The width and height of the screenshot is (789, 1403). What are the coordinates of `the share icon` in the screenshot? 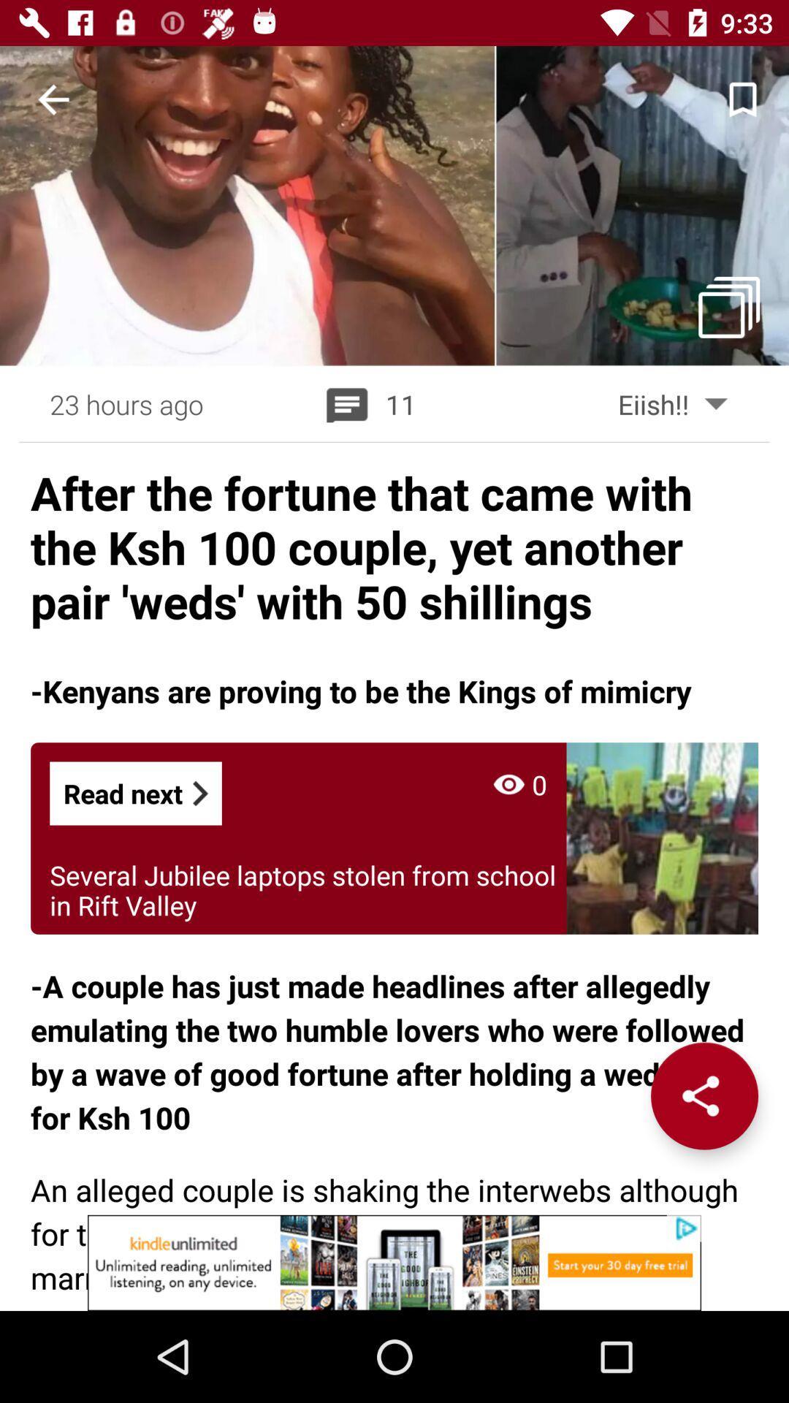 It's located at (704, 1095).